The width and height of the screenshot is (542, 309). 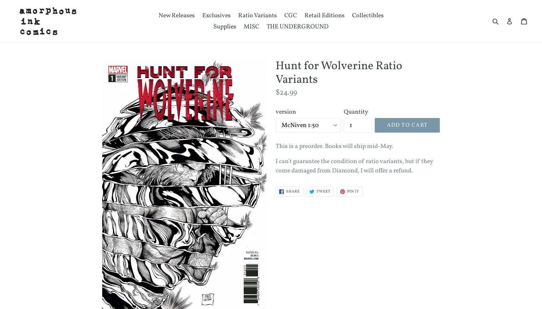 What do you see at coordinates (285, 112) in the screenshot?
I see `'version'` at bounding box center [285, 112].